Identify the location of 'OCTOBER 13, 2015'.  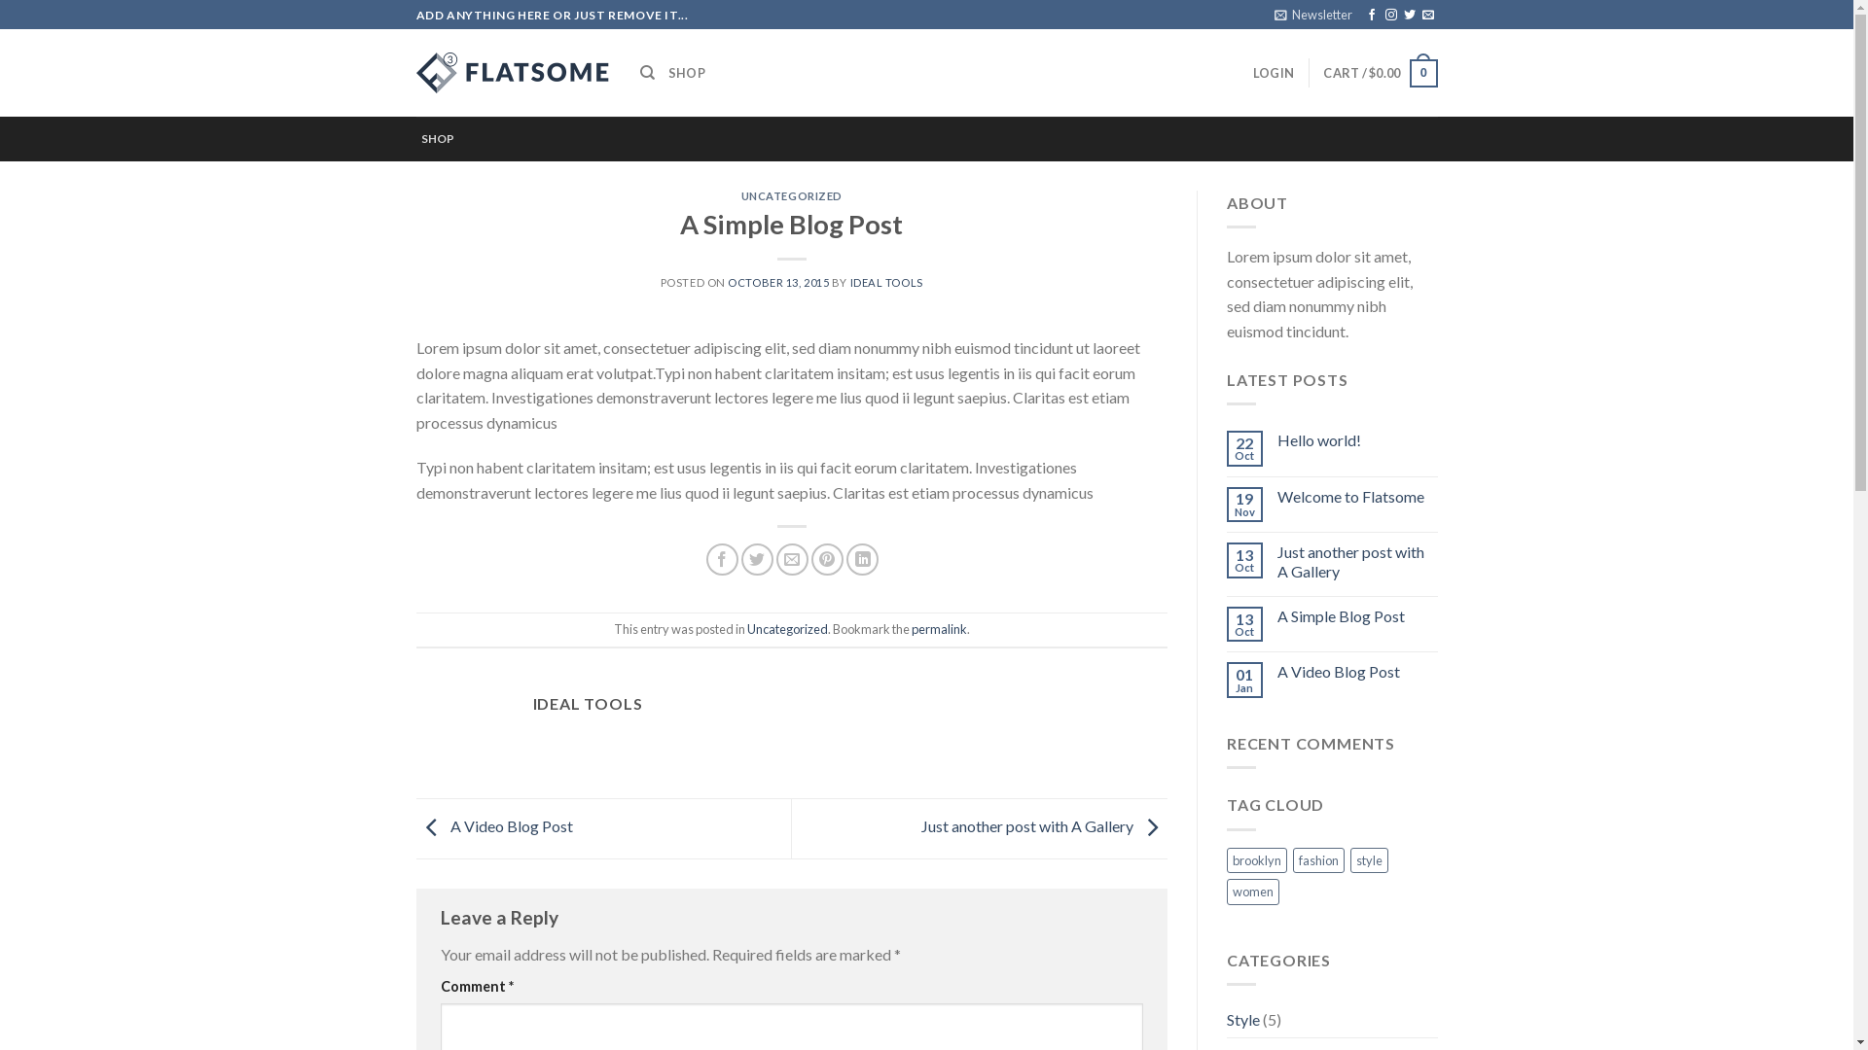
(778, 282).